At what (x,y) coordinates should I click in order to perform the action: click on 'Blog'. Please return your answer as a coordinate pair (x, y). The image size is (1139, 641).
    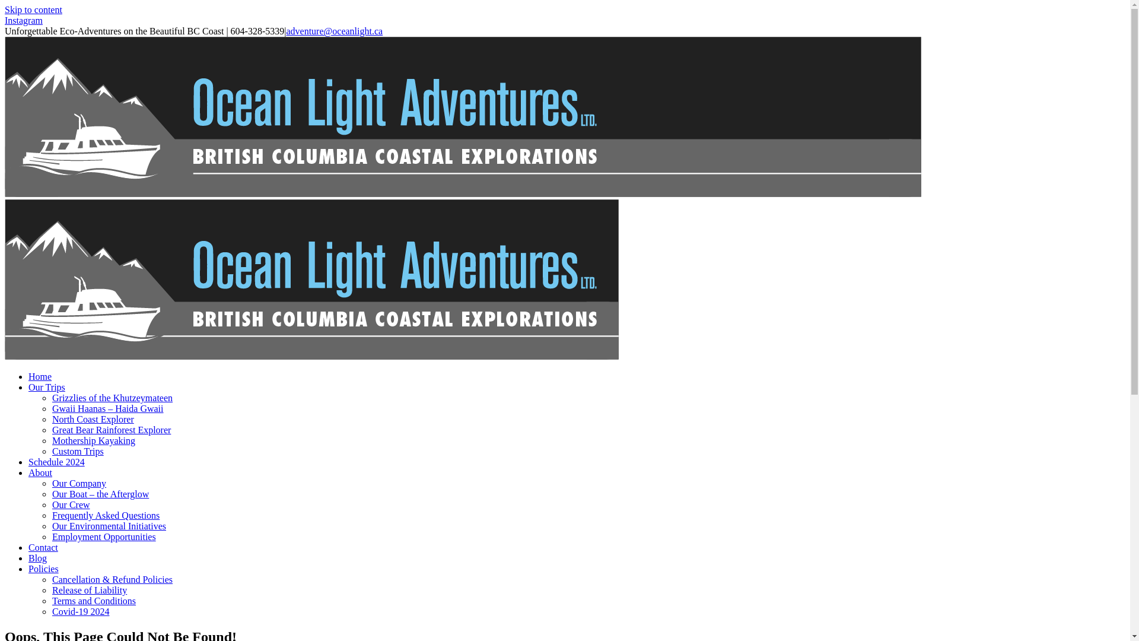
    Looking at the image, I should click on (37, 558).